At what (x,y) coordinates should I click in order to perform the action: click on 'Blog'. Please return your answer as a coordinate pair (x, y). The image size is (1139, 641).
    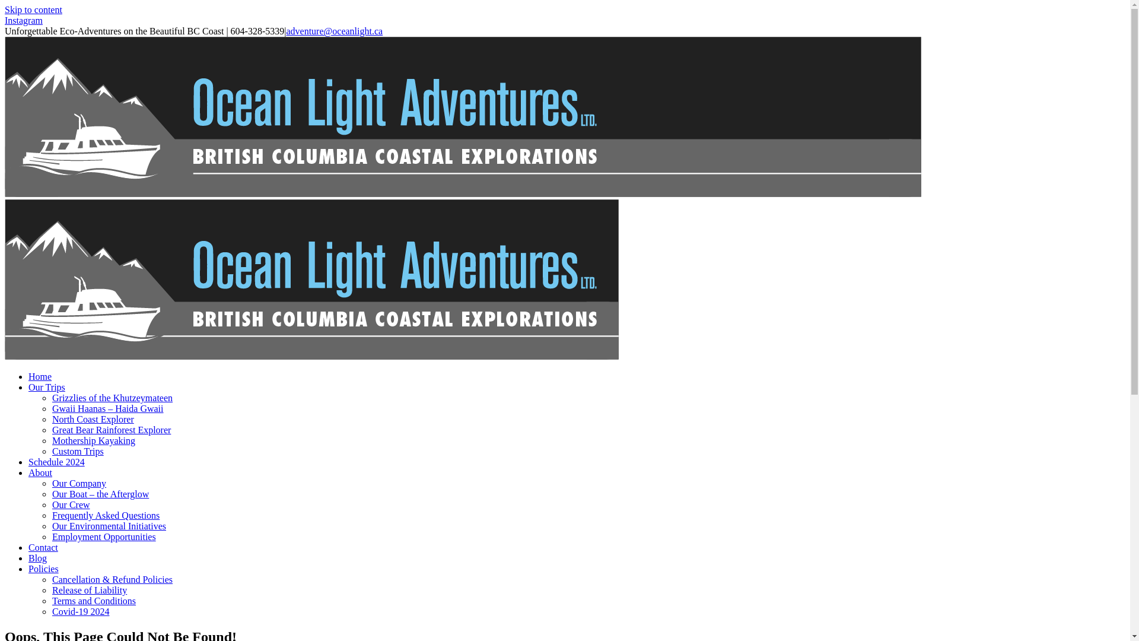
    Looking at the image, I should click on (37, 558).